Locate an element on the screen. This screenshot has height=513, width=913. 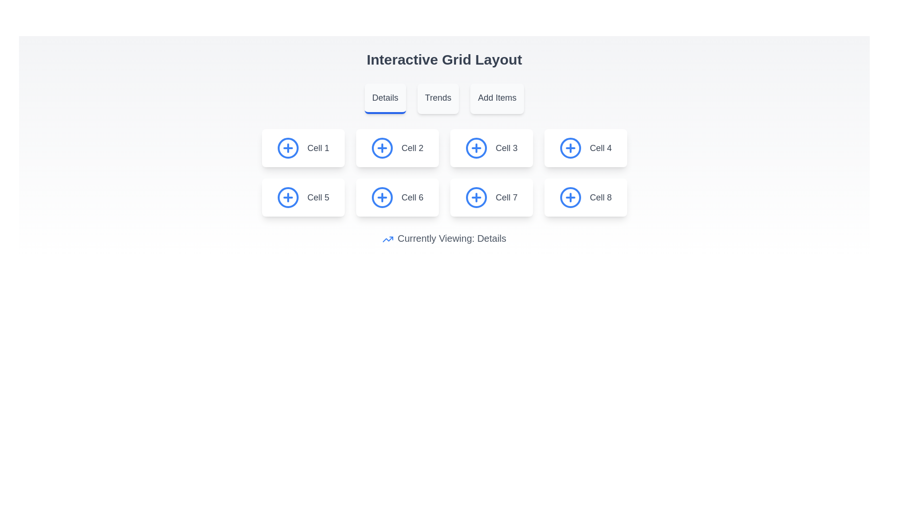
the Circle icon with a blue border containing a plus sign, located above the label 'Cell 1' in the Interactive Grid Layout is located at coordinates (288, 148).